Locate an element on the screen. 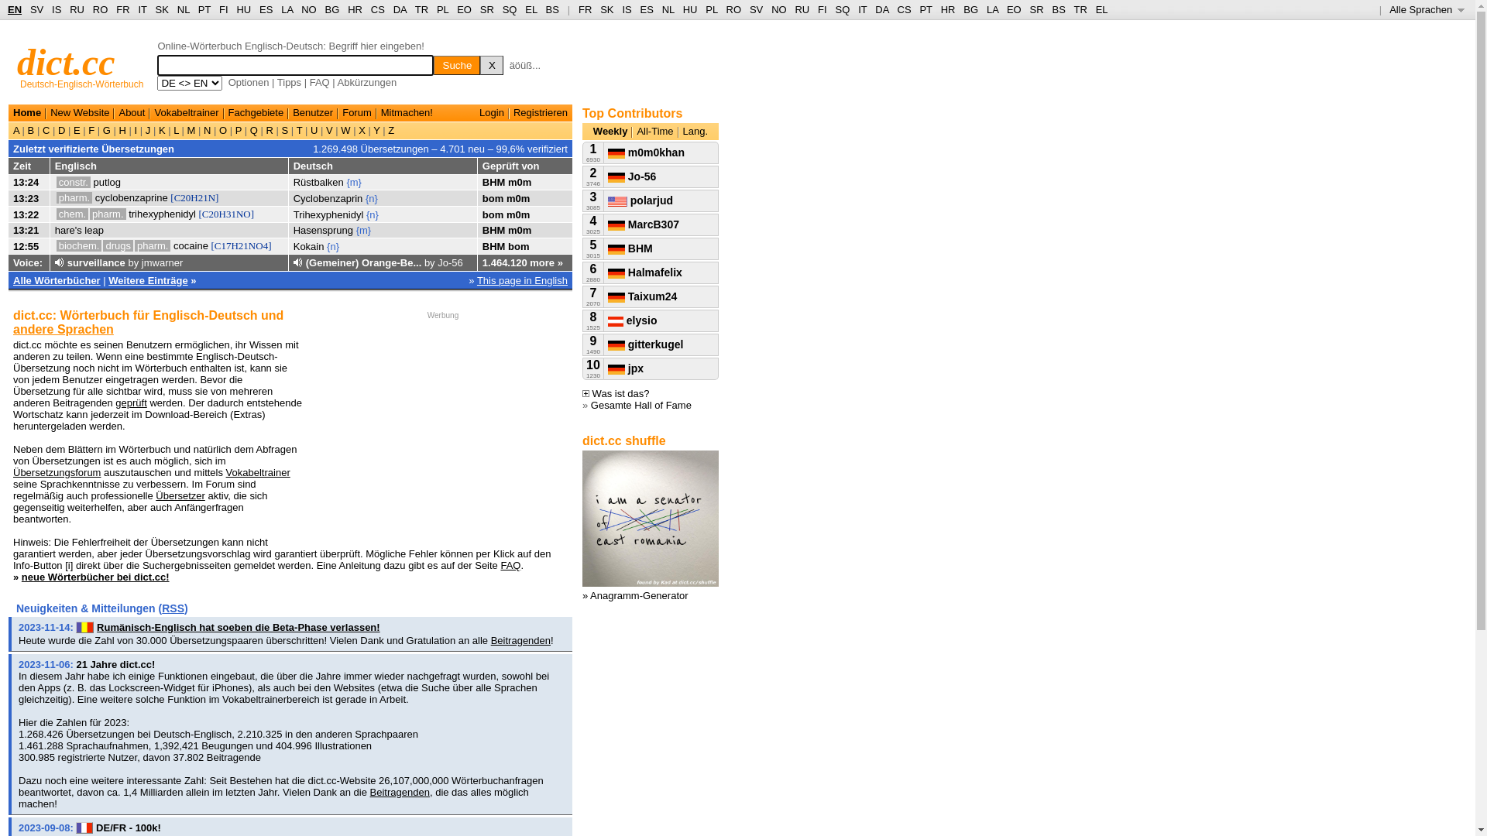 The width and height of the screenshot is (1487, 836). 'All-Time' is located at coordinates (654, 130).